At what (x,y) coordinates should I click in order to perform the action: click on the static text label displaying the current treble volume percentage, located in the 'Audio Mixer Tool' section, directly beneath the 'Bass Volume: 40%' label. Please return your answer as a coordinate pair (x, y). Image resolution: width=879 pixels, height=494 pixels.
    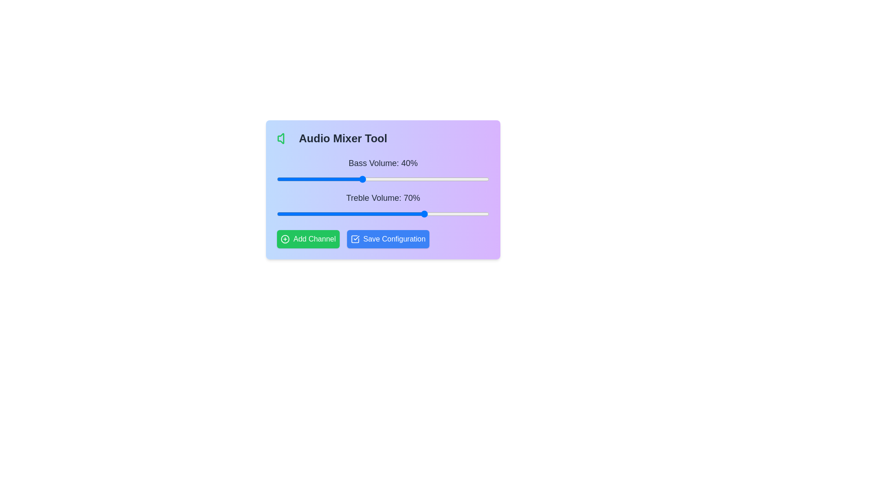
    Looking at the image, I should click on (383, 197).